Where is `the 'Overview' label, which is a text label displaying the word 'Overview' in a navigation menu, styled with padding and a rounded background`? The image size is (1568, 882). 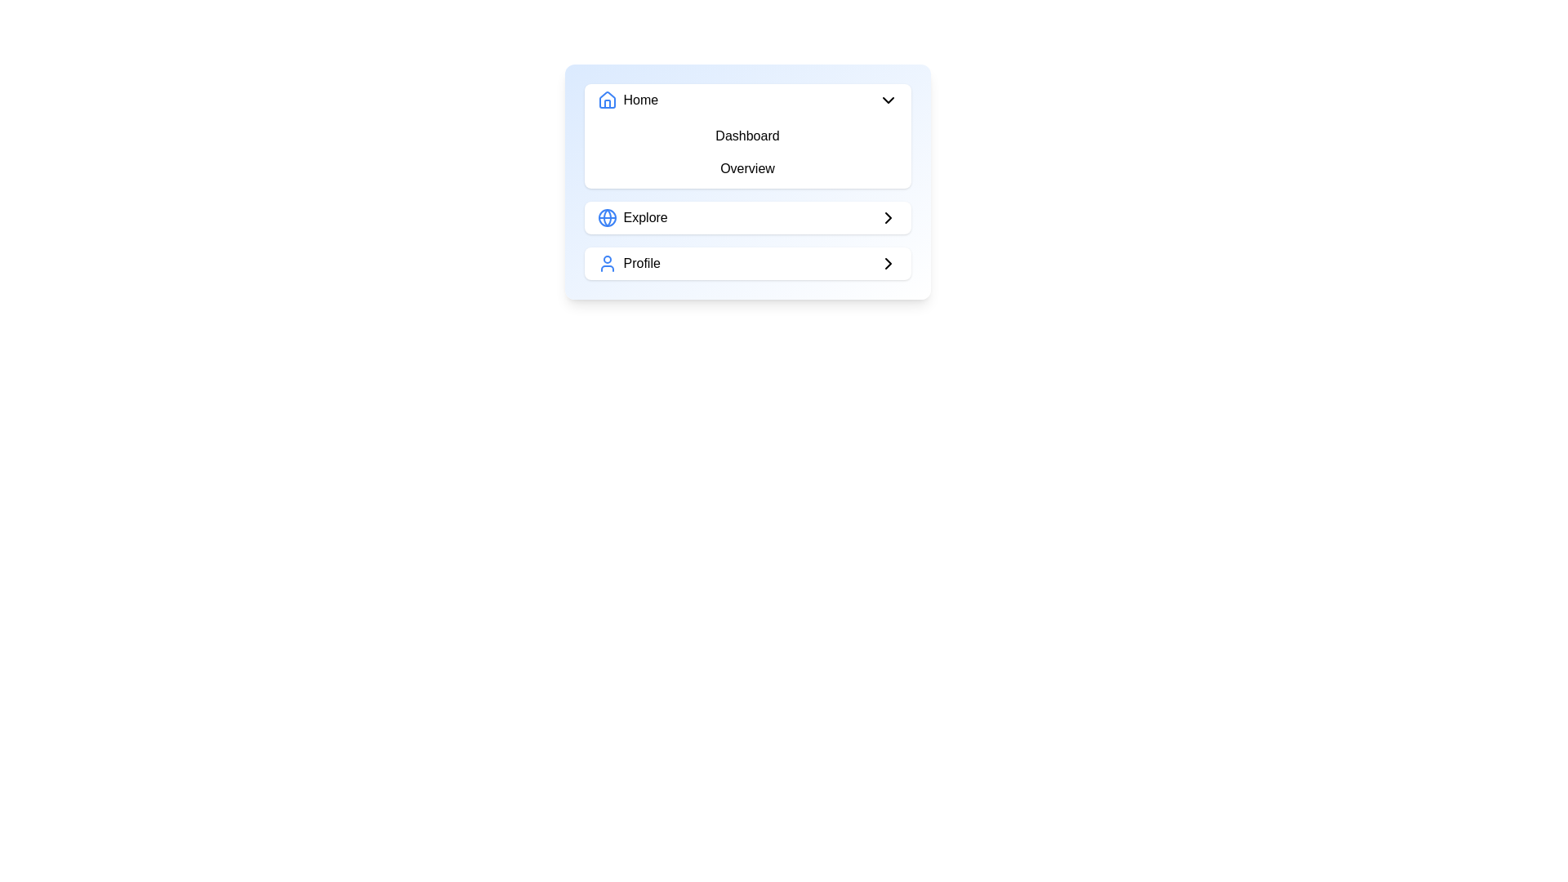 the 'Overview' label, which is a text label displaying the word 'Overview' in a navigation menu, styled with padding and a rounded background is located at coordinates (746, 169).